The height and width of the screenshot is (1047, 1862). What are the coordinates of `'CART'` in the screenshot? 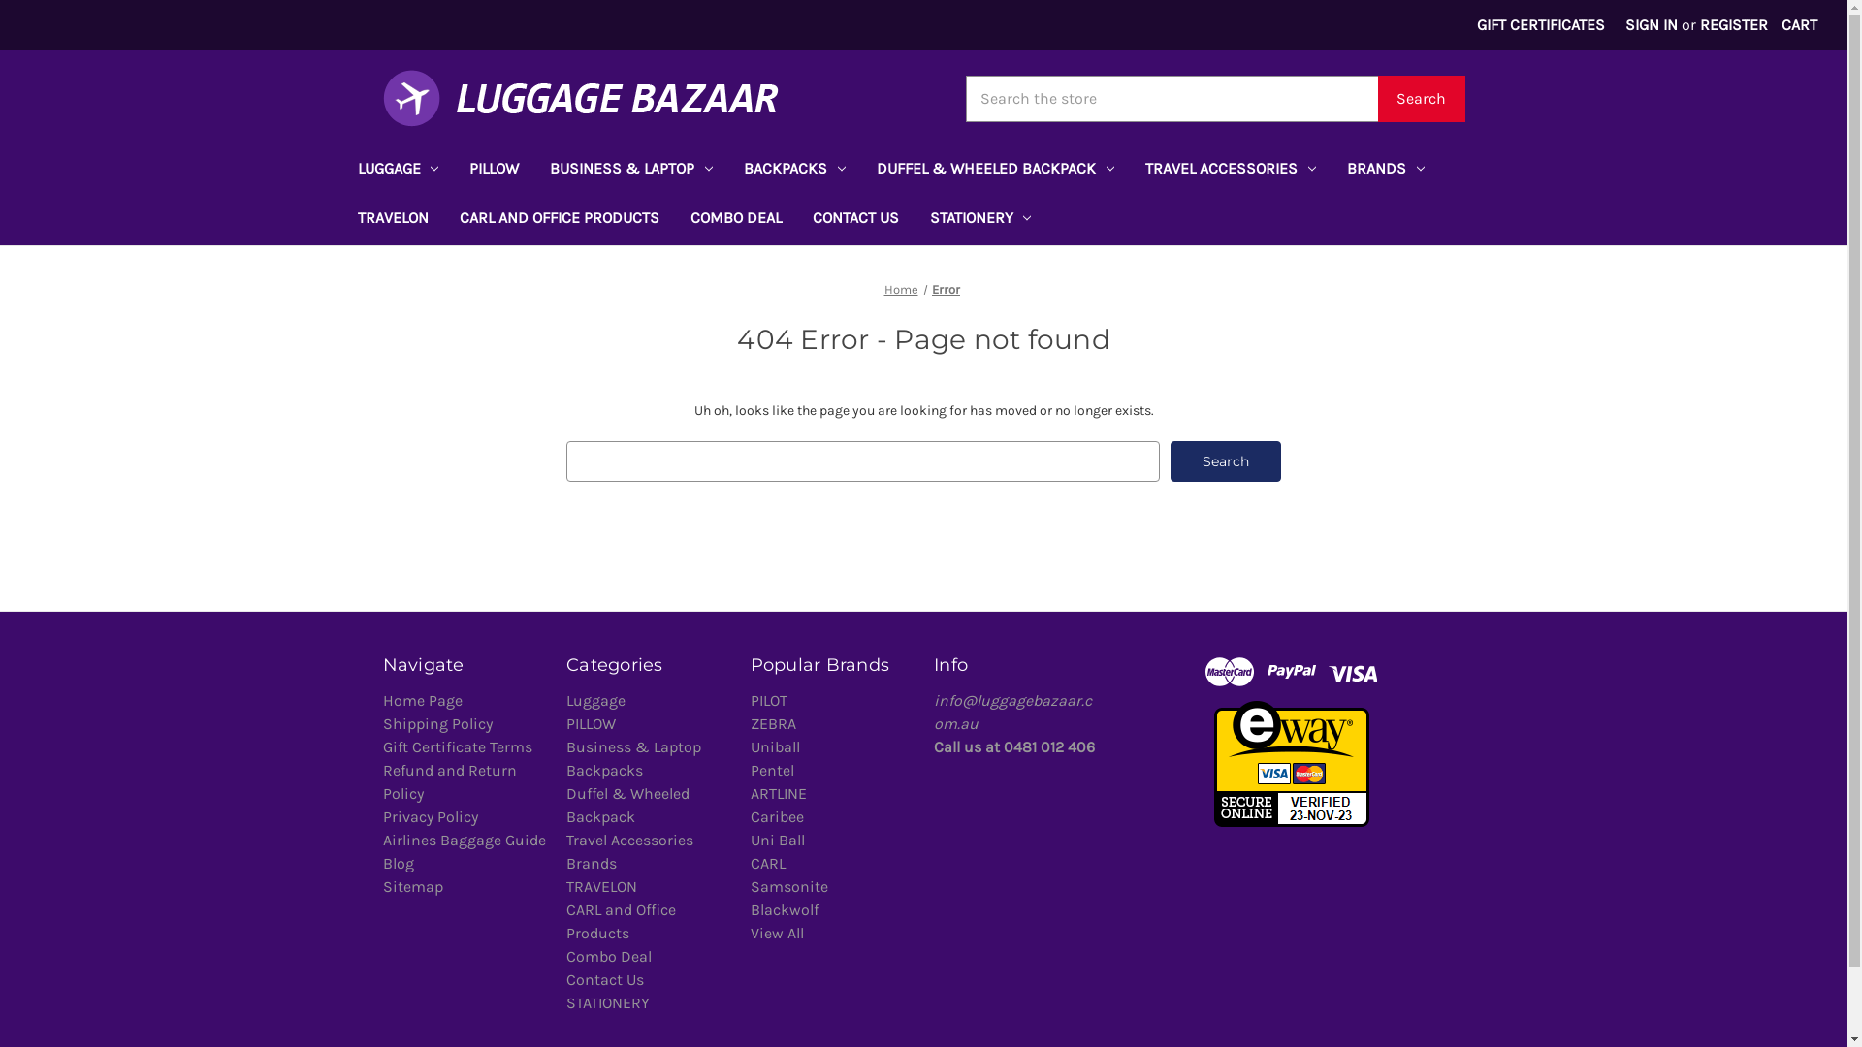 It's located at (1797, 25).